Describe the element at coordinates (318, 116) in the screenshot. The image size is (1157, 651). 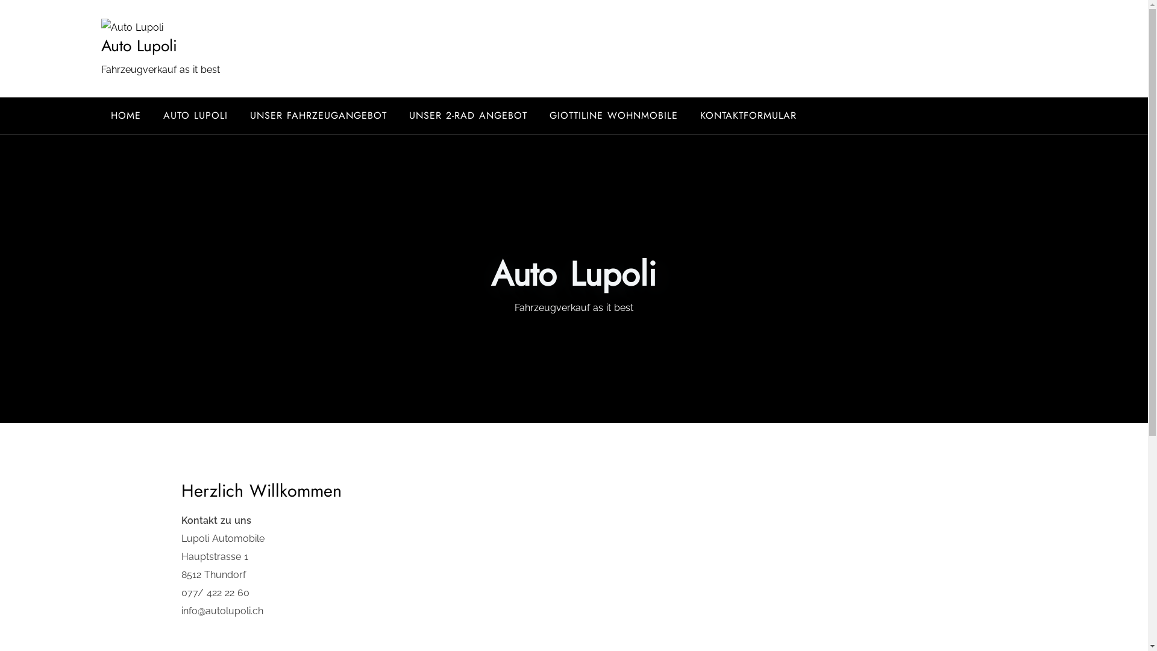
I see `'UNSER FAHRZEUGANGEBOT'` at that location.